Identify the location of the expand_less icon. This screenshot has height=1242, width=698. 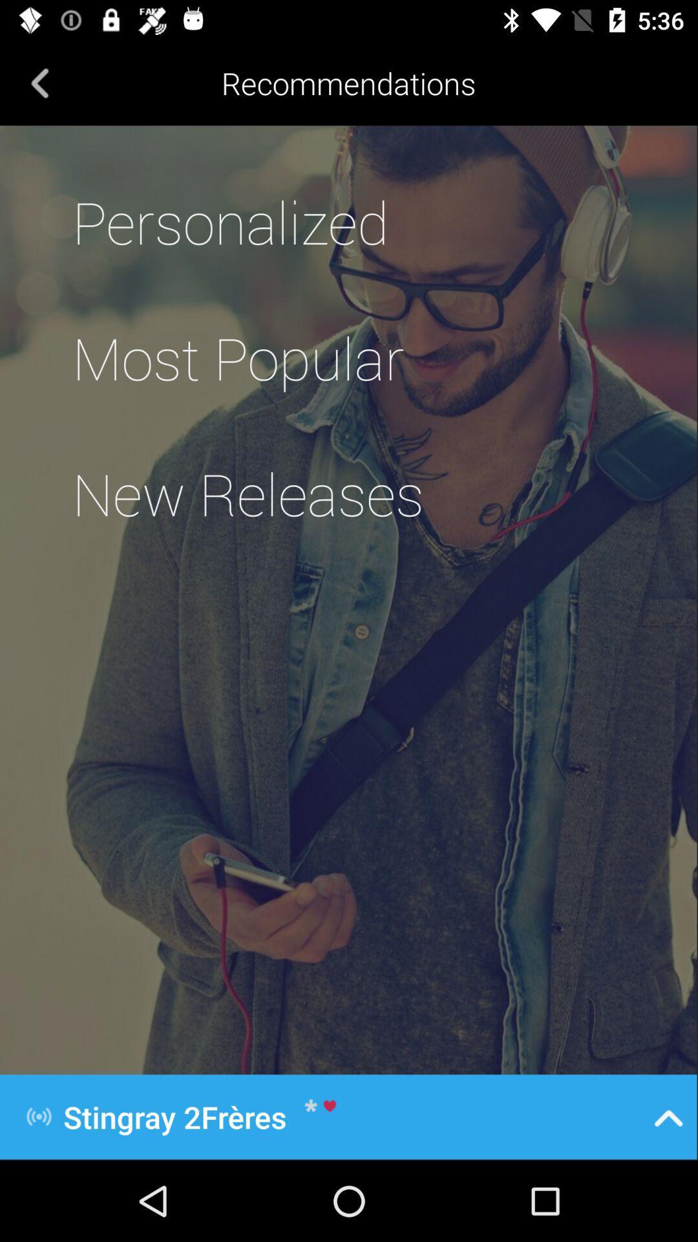
(668, 1116).